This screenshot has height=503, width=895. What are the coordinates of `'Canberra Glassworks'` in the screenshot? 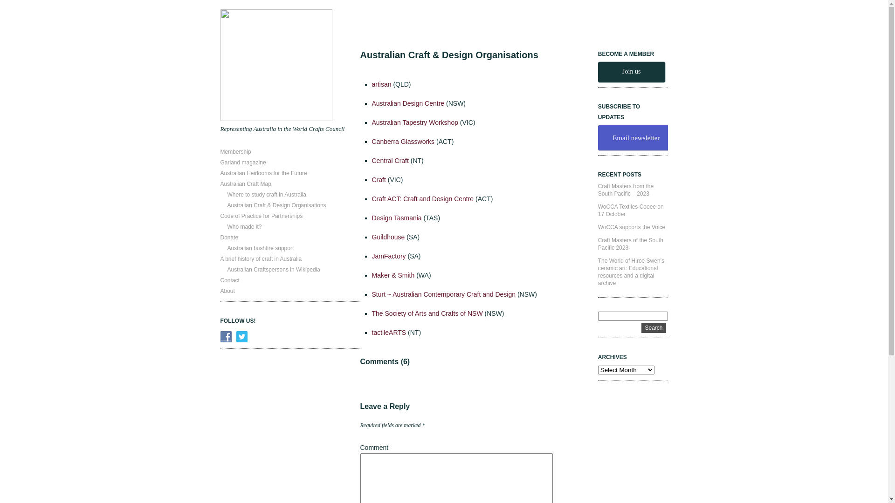 It's located at (371, 142).